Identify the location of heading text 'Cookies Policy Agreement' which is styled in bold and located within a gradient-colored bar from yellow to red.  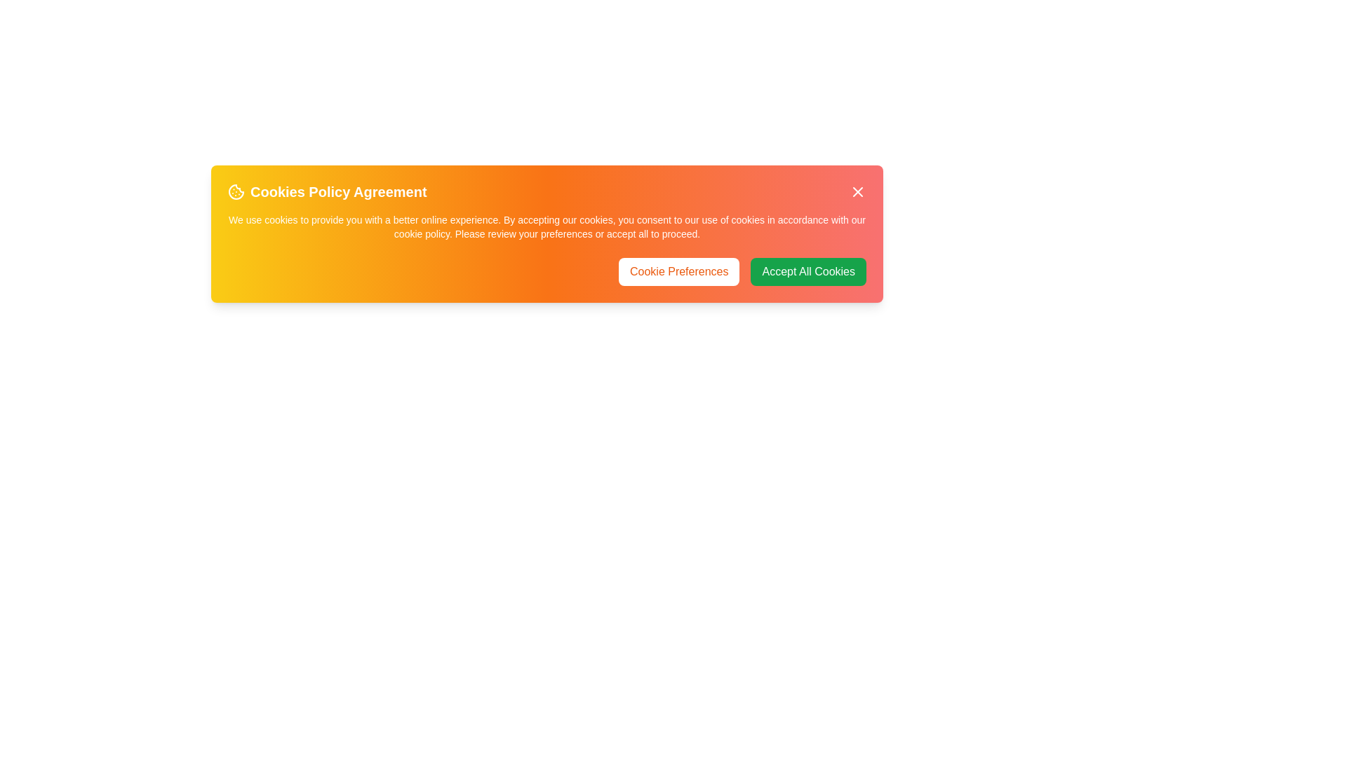
(546, 191).